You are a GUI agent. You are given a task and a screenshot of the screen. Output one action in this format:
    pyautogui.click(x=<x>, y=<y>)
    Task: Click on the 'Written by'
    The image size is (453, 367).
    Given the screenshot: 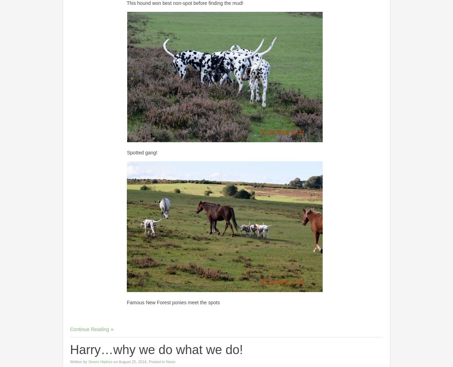 What is the action you would take?
    pyautogui.click(x=78, y=361)
    